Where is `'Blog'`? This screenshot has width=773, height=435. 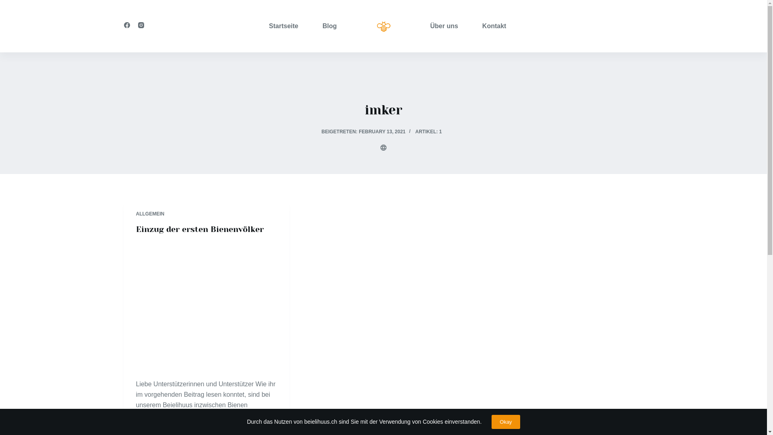 'Blog' is located at coordinates (323, 26).